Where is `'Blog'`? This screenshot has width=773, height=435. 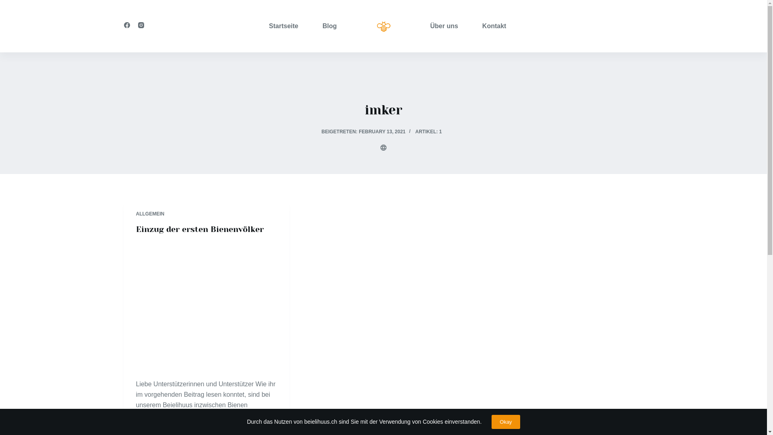 'Blog' is located at coordinates (323, 26).